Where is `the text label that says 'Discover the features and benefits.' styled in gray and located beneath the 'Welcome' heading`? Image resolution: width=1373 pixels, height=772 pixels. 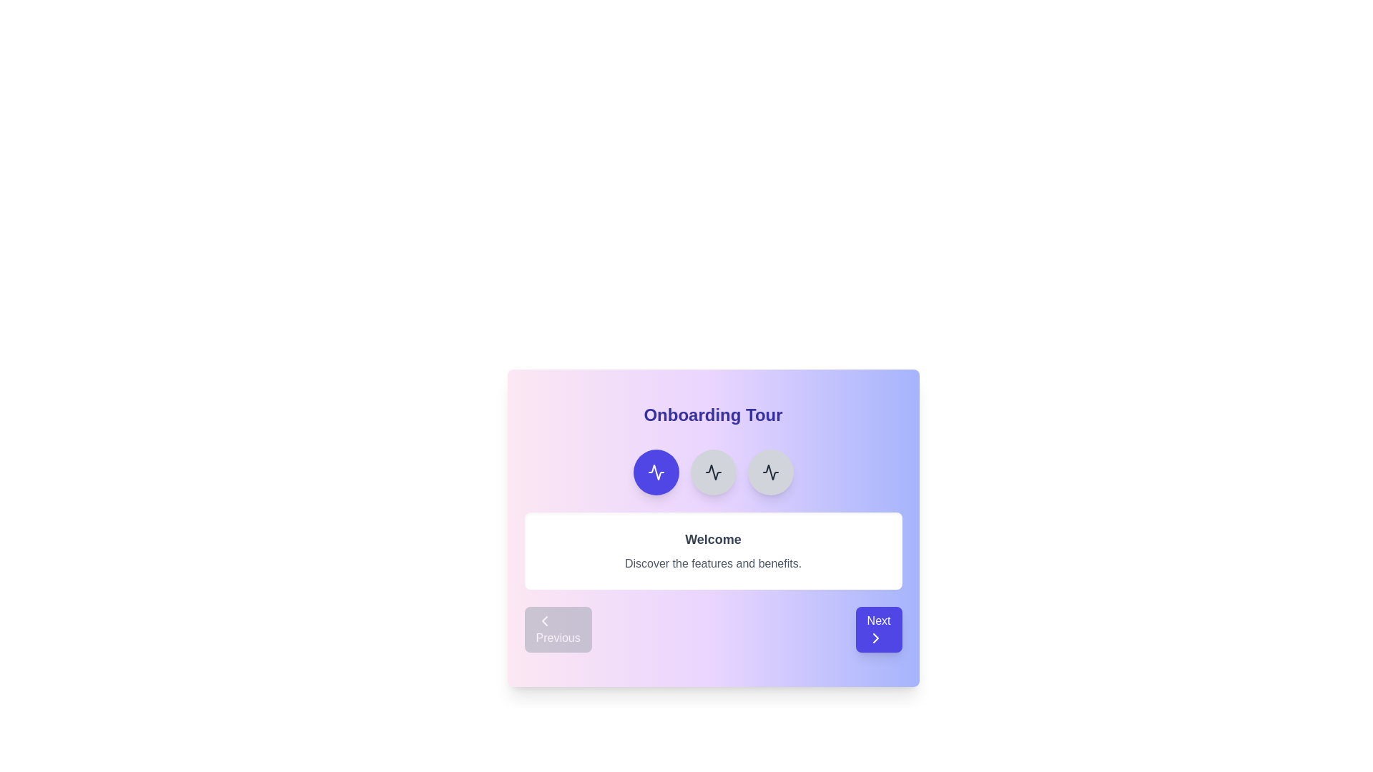
the text label that says 'Discover the features and benefits.' styled in gray and located beneath the 'Welcome' heading is located at coordinates (713, 563).